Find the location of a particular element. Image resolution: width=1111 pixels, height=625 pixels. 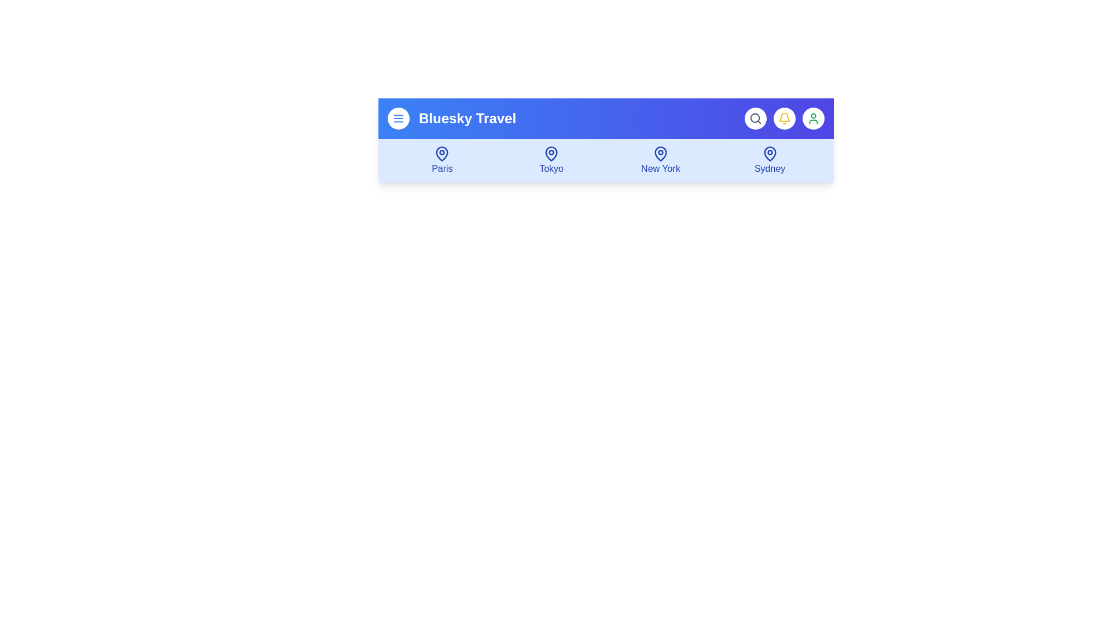

the destination icon for New York is located at coordinates (660, 160).